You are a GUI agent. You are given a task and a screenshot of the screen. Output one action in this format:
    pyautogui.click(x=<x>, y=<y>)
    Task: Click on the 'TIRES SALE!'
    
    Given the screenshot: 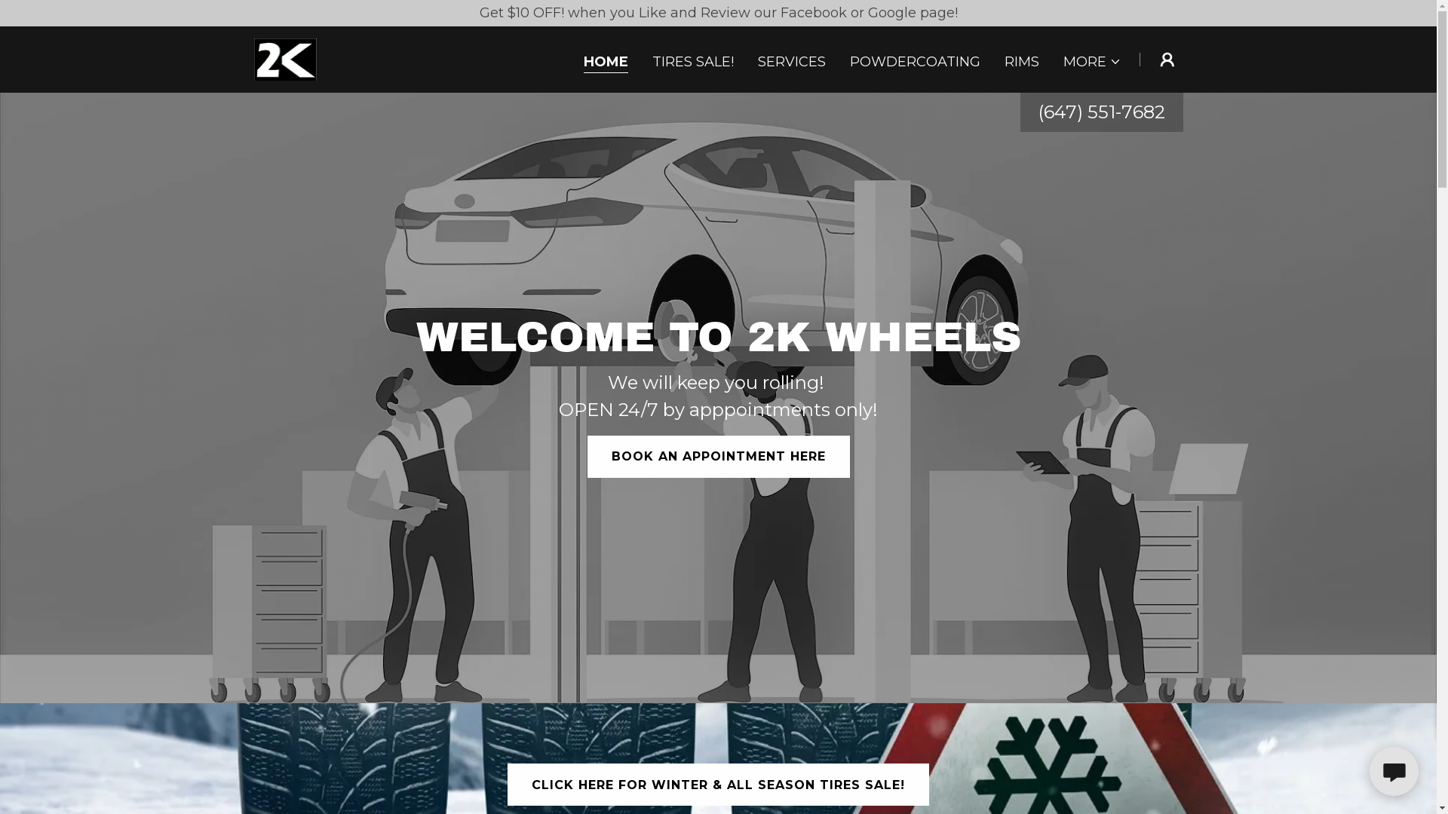 What is the action you would take?
    pyautogui.click(x=692, y=60)
    